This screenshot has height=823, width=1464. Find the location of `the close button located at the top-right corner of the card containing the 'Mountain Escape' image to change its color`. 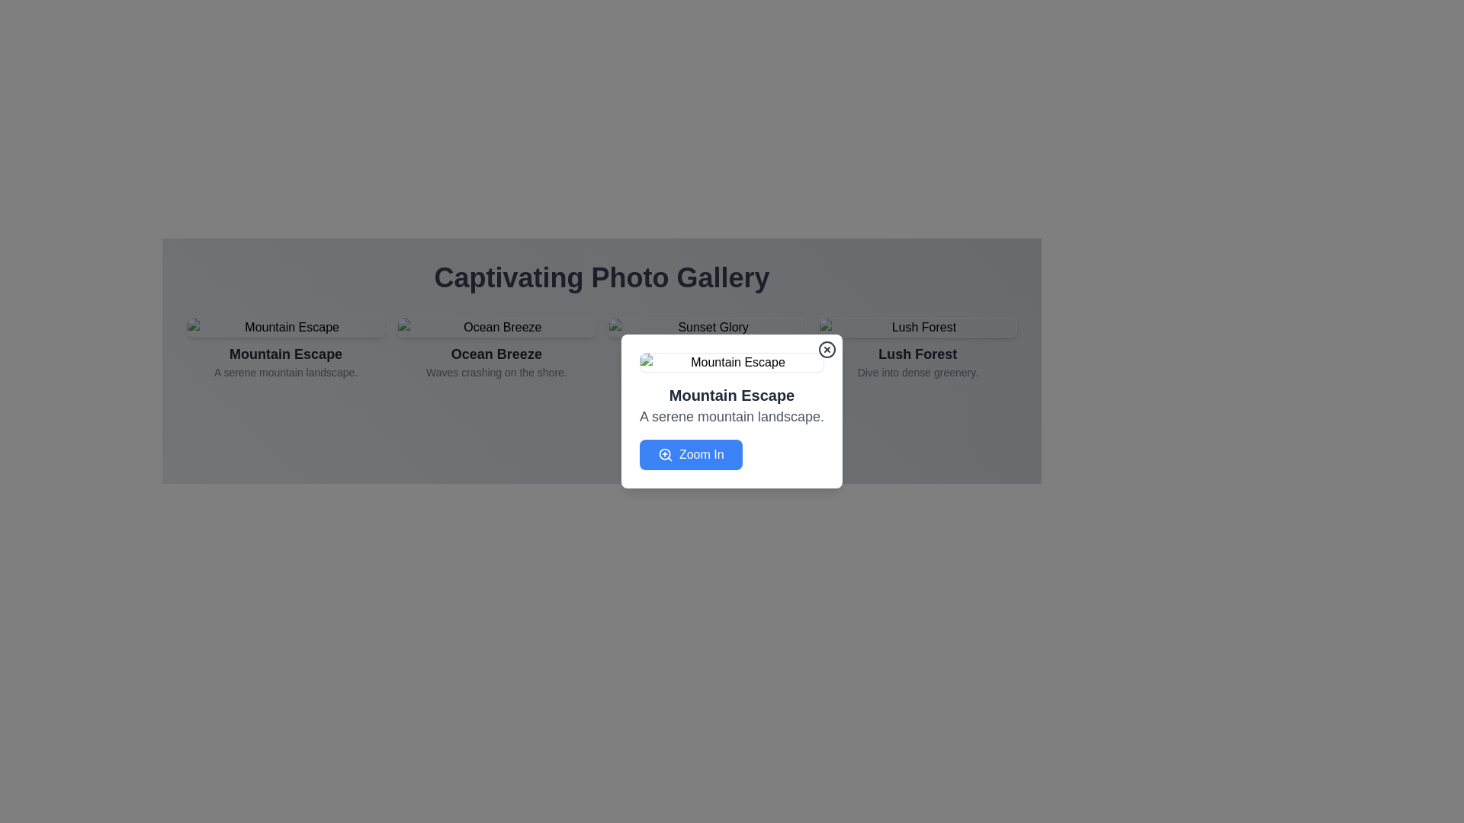

the close button located at the top-right corner of the card containing the 'Mountain Escape' image to change its color is located at coordinates (826, 350).